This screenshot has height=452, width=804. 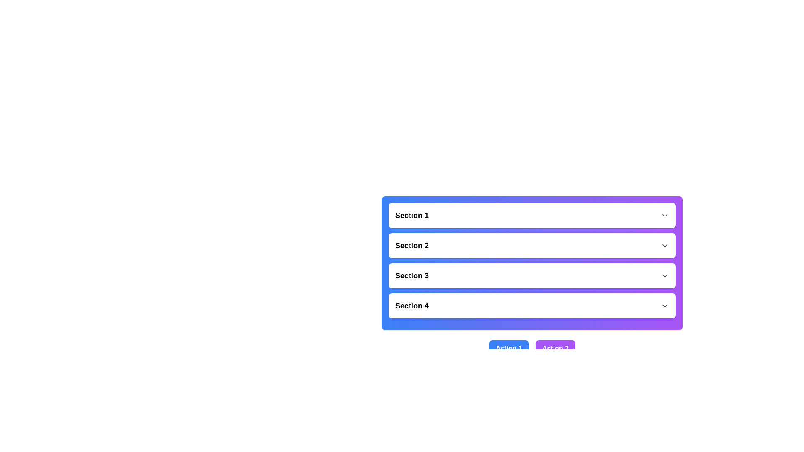 What do you see at coordinates (665, 306) in the screenshot?
I see `the Chevron icon (SVG)` at bounding box center [665, 306].